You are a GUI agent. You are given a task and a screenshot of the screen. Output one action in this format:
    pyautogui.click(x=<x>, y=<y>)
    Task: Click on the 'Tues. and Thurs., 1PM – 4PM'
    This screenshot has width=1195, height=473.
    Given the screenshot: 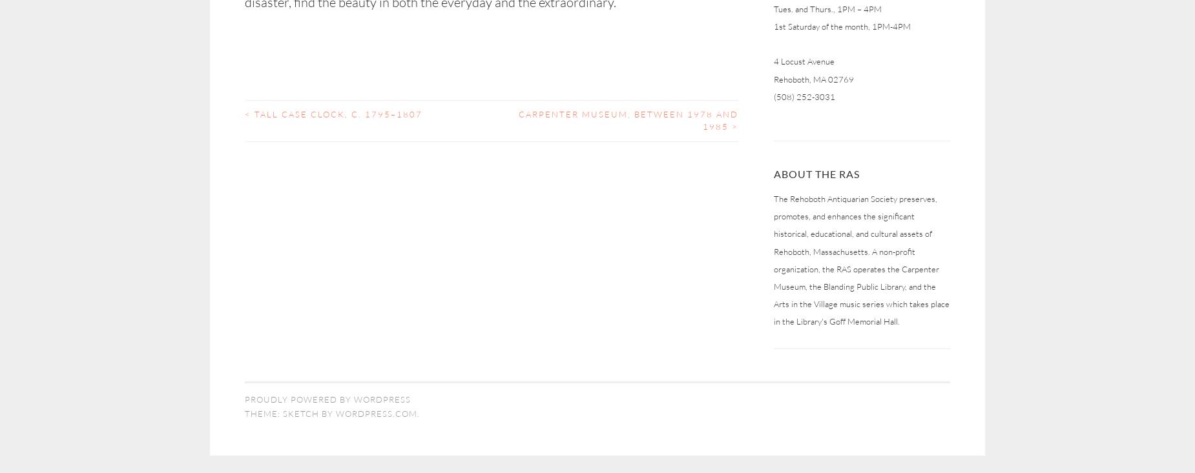 What is the action you would take?
    pyautogui.click(x=773, y=7)
    